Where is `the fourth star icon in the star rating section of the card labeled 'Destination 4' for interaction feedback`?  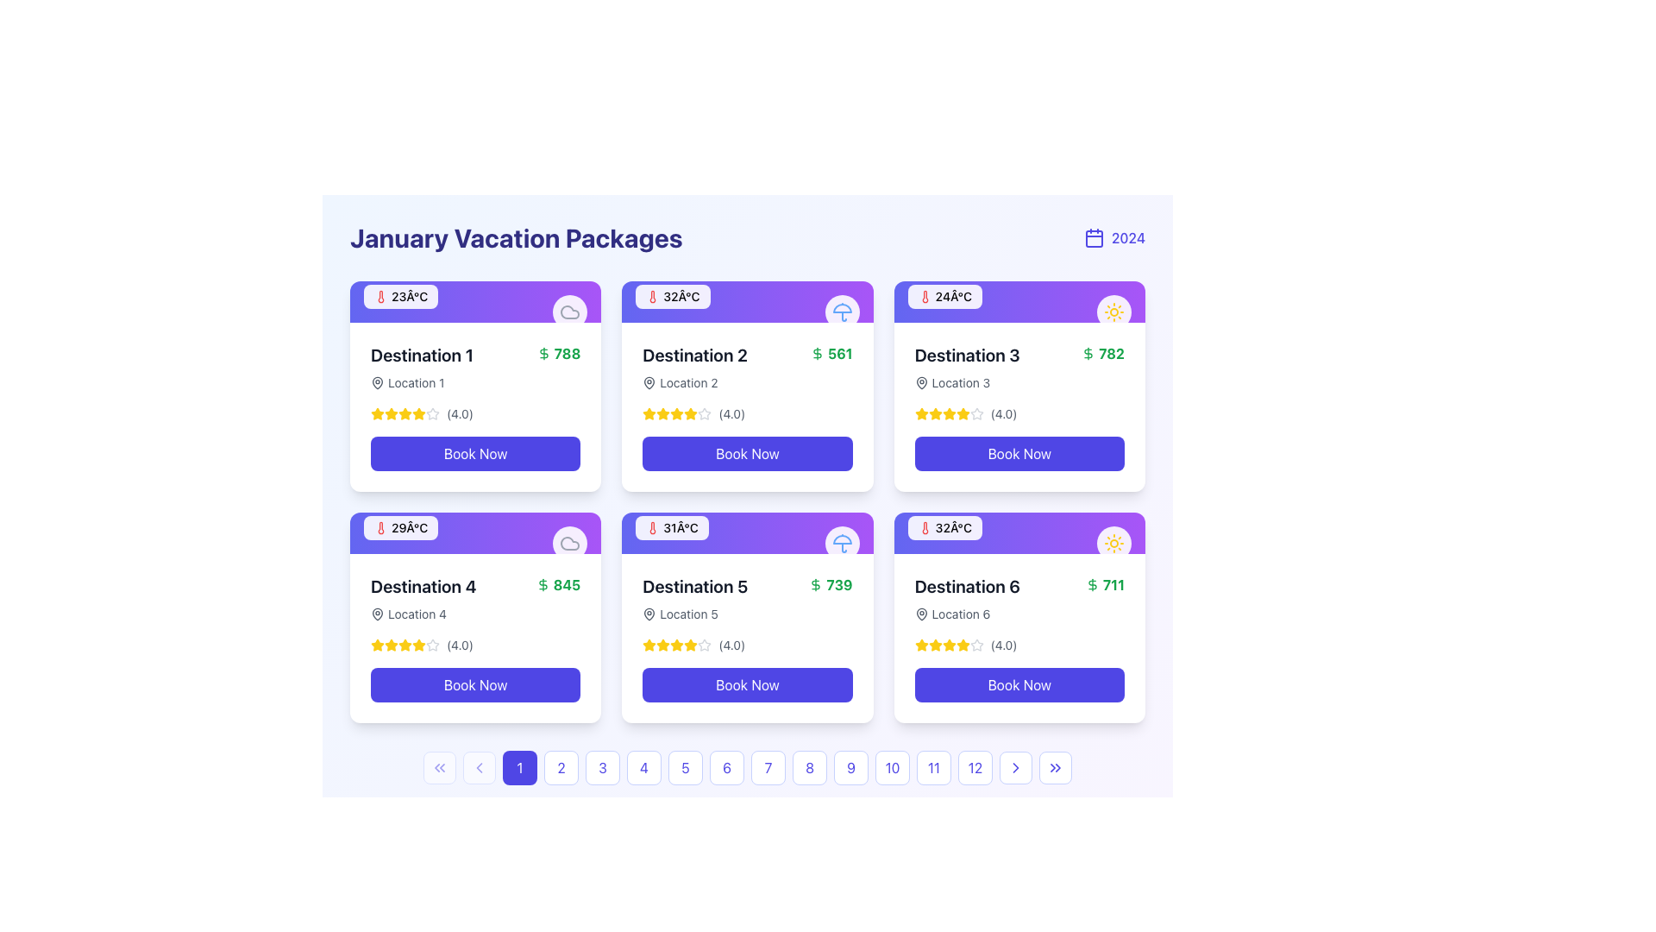
the fourth star icon in the star rating section of the card labeled 'Destination 4' for interaction feedback is located at coordinates (376, 645).